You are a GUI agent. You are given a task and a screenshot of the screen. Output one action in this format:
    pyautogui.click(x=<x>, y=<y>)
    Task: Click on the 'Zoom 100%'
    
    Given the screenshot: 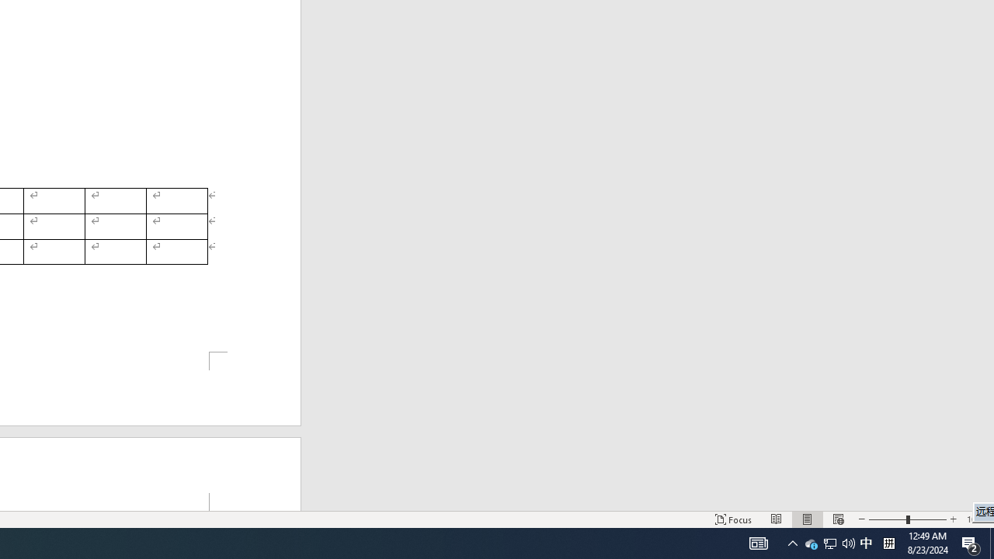 What is the action you would take?
    pyautogui.click(x=976, y=519)
    